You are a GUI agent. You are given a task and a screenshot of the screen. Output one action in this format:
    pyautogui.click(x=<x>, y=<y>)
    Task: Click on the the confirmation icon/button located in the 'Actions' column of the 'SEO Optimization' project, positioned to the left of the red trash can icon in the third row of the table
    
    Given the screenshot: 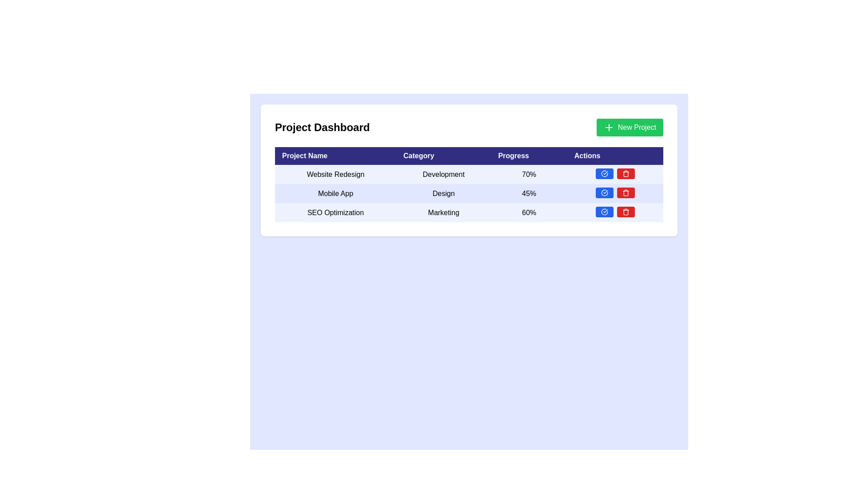 What is the action you would take?
    pyautogui.click(x=604, y=212)
    